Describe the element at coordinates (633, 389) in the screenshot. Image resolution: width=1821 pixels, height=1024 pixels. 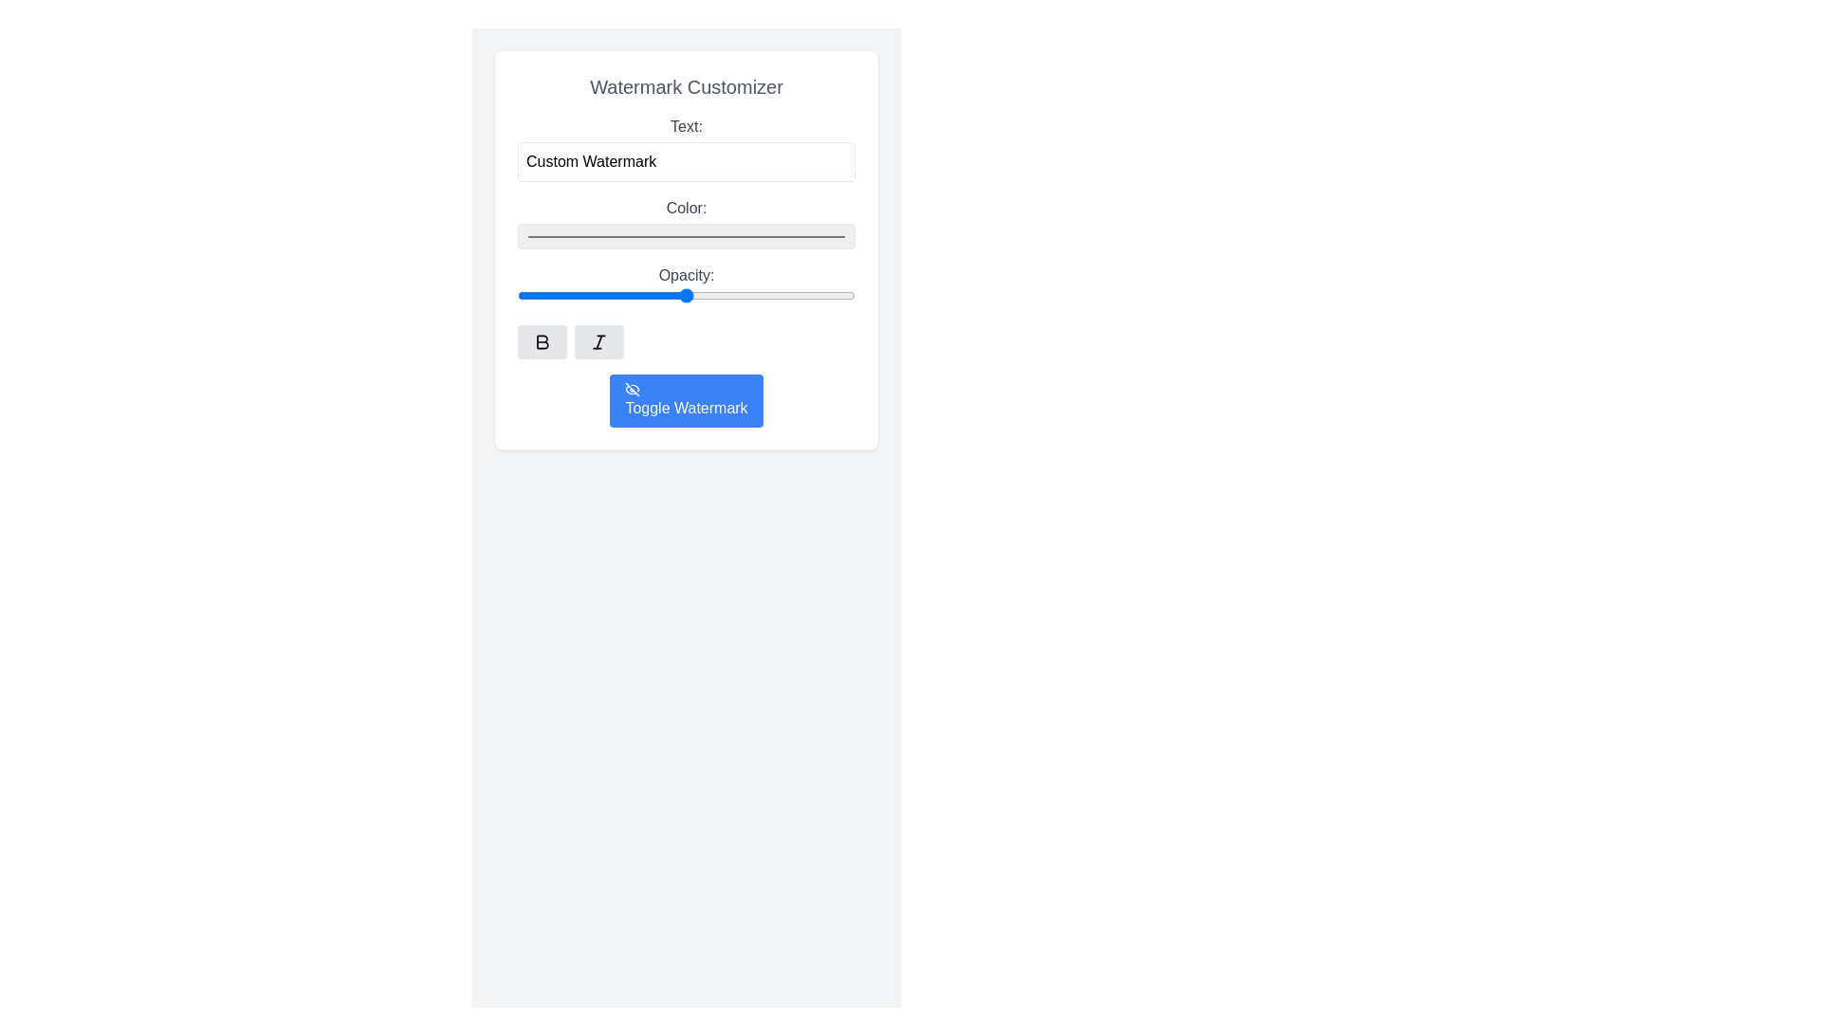
I see `the eye-crossed-out icon button located to the left of the 'Toggle Watermark' text on the blue button` at that location.